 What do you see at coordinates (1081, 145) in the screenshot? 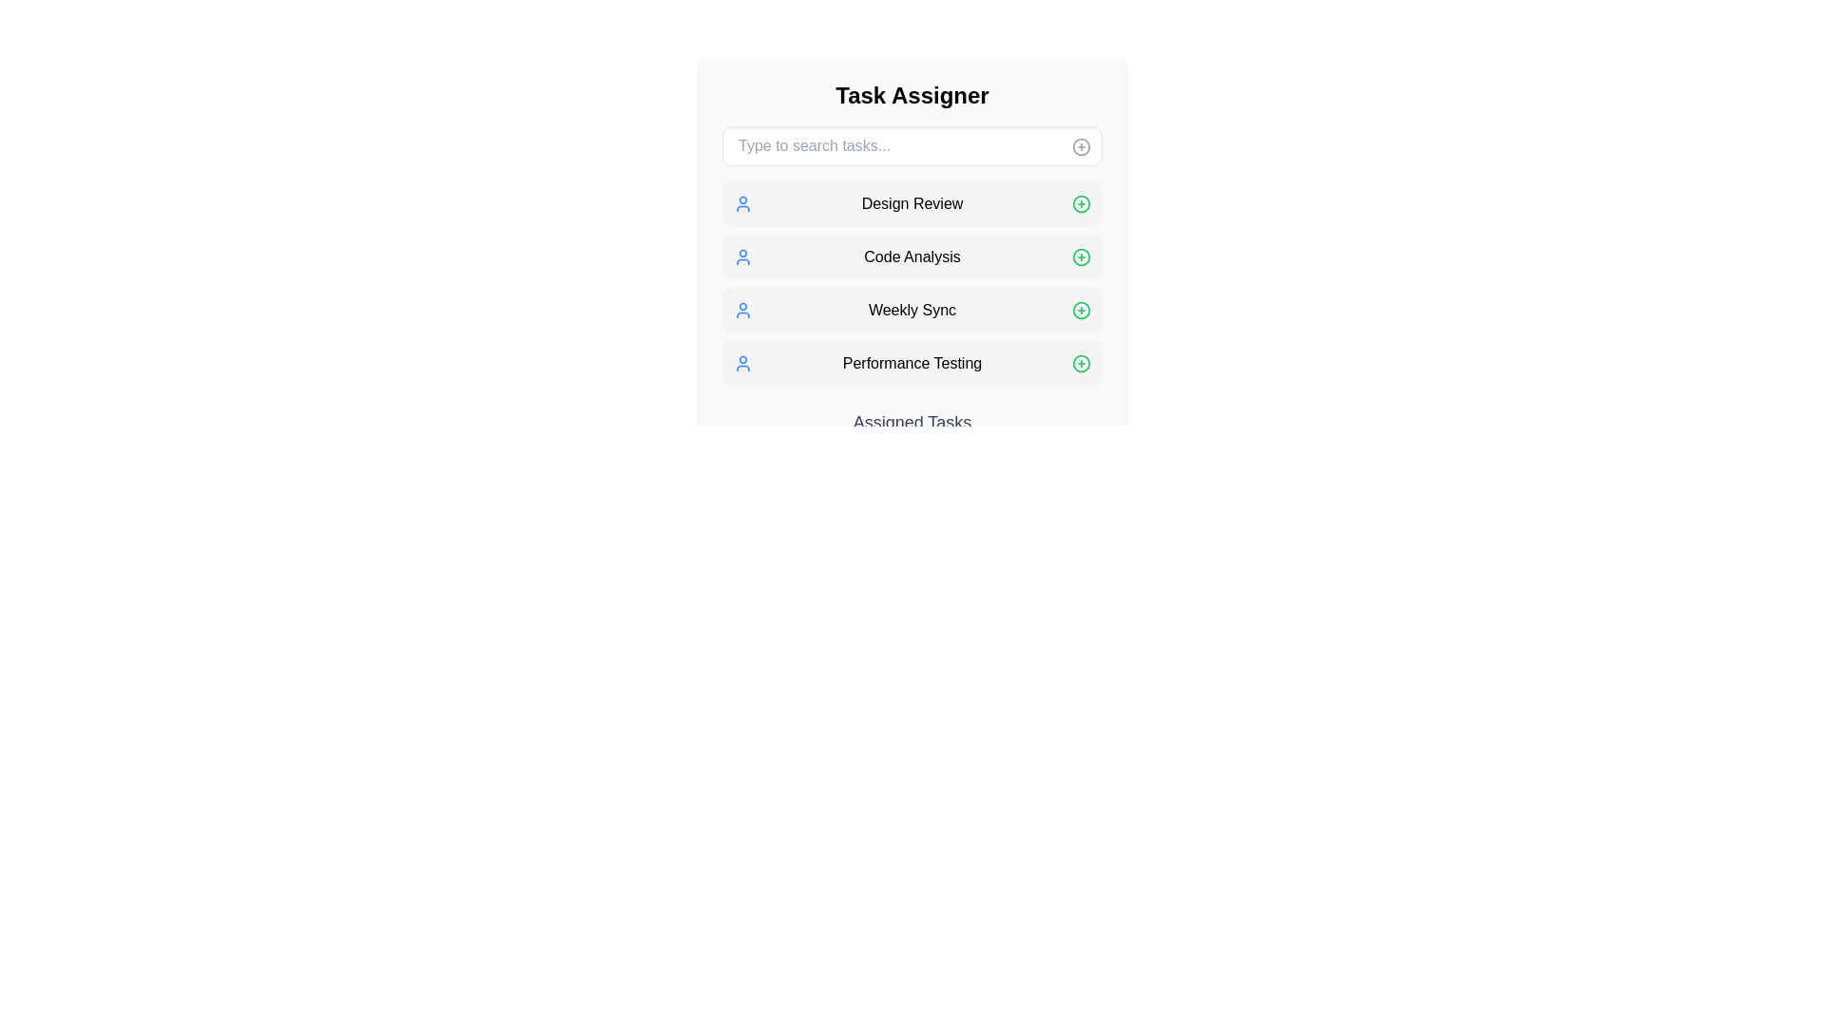
I see `the icon located at the upper-right corner of the text input field, adjacent to the placeholder text 'Type to search tasks...'` at bounding box center [1081, 145].